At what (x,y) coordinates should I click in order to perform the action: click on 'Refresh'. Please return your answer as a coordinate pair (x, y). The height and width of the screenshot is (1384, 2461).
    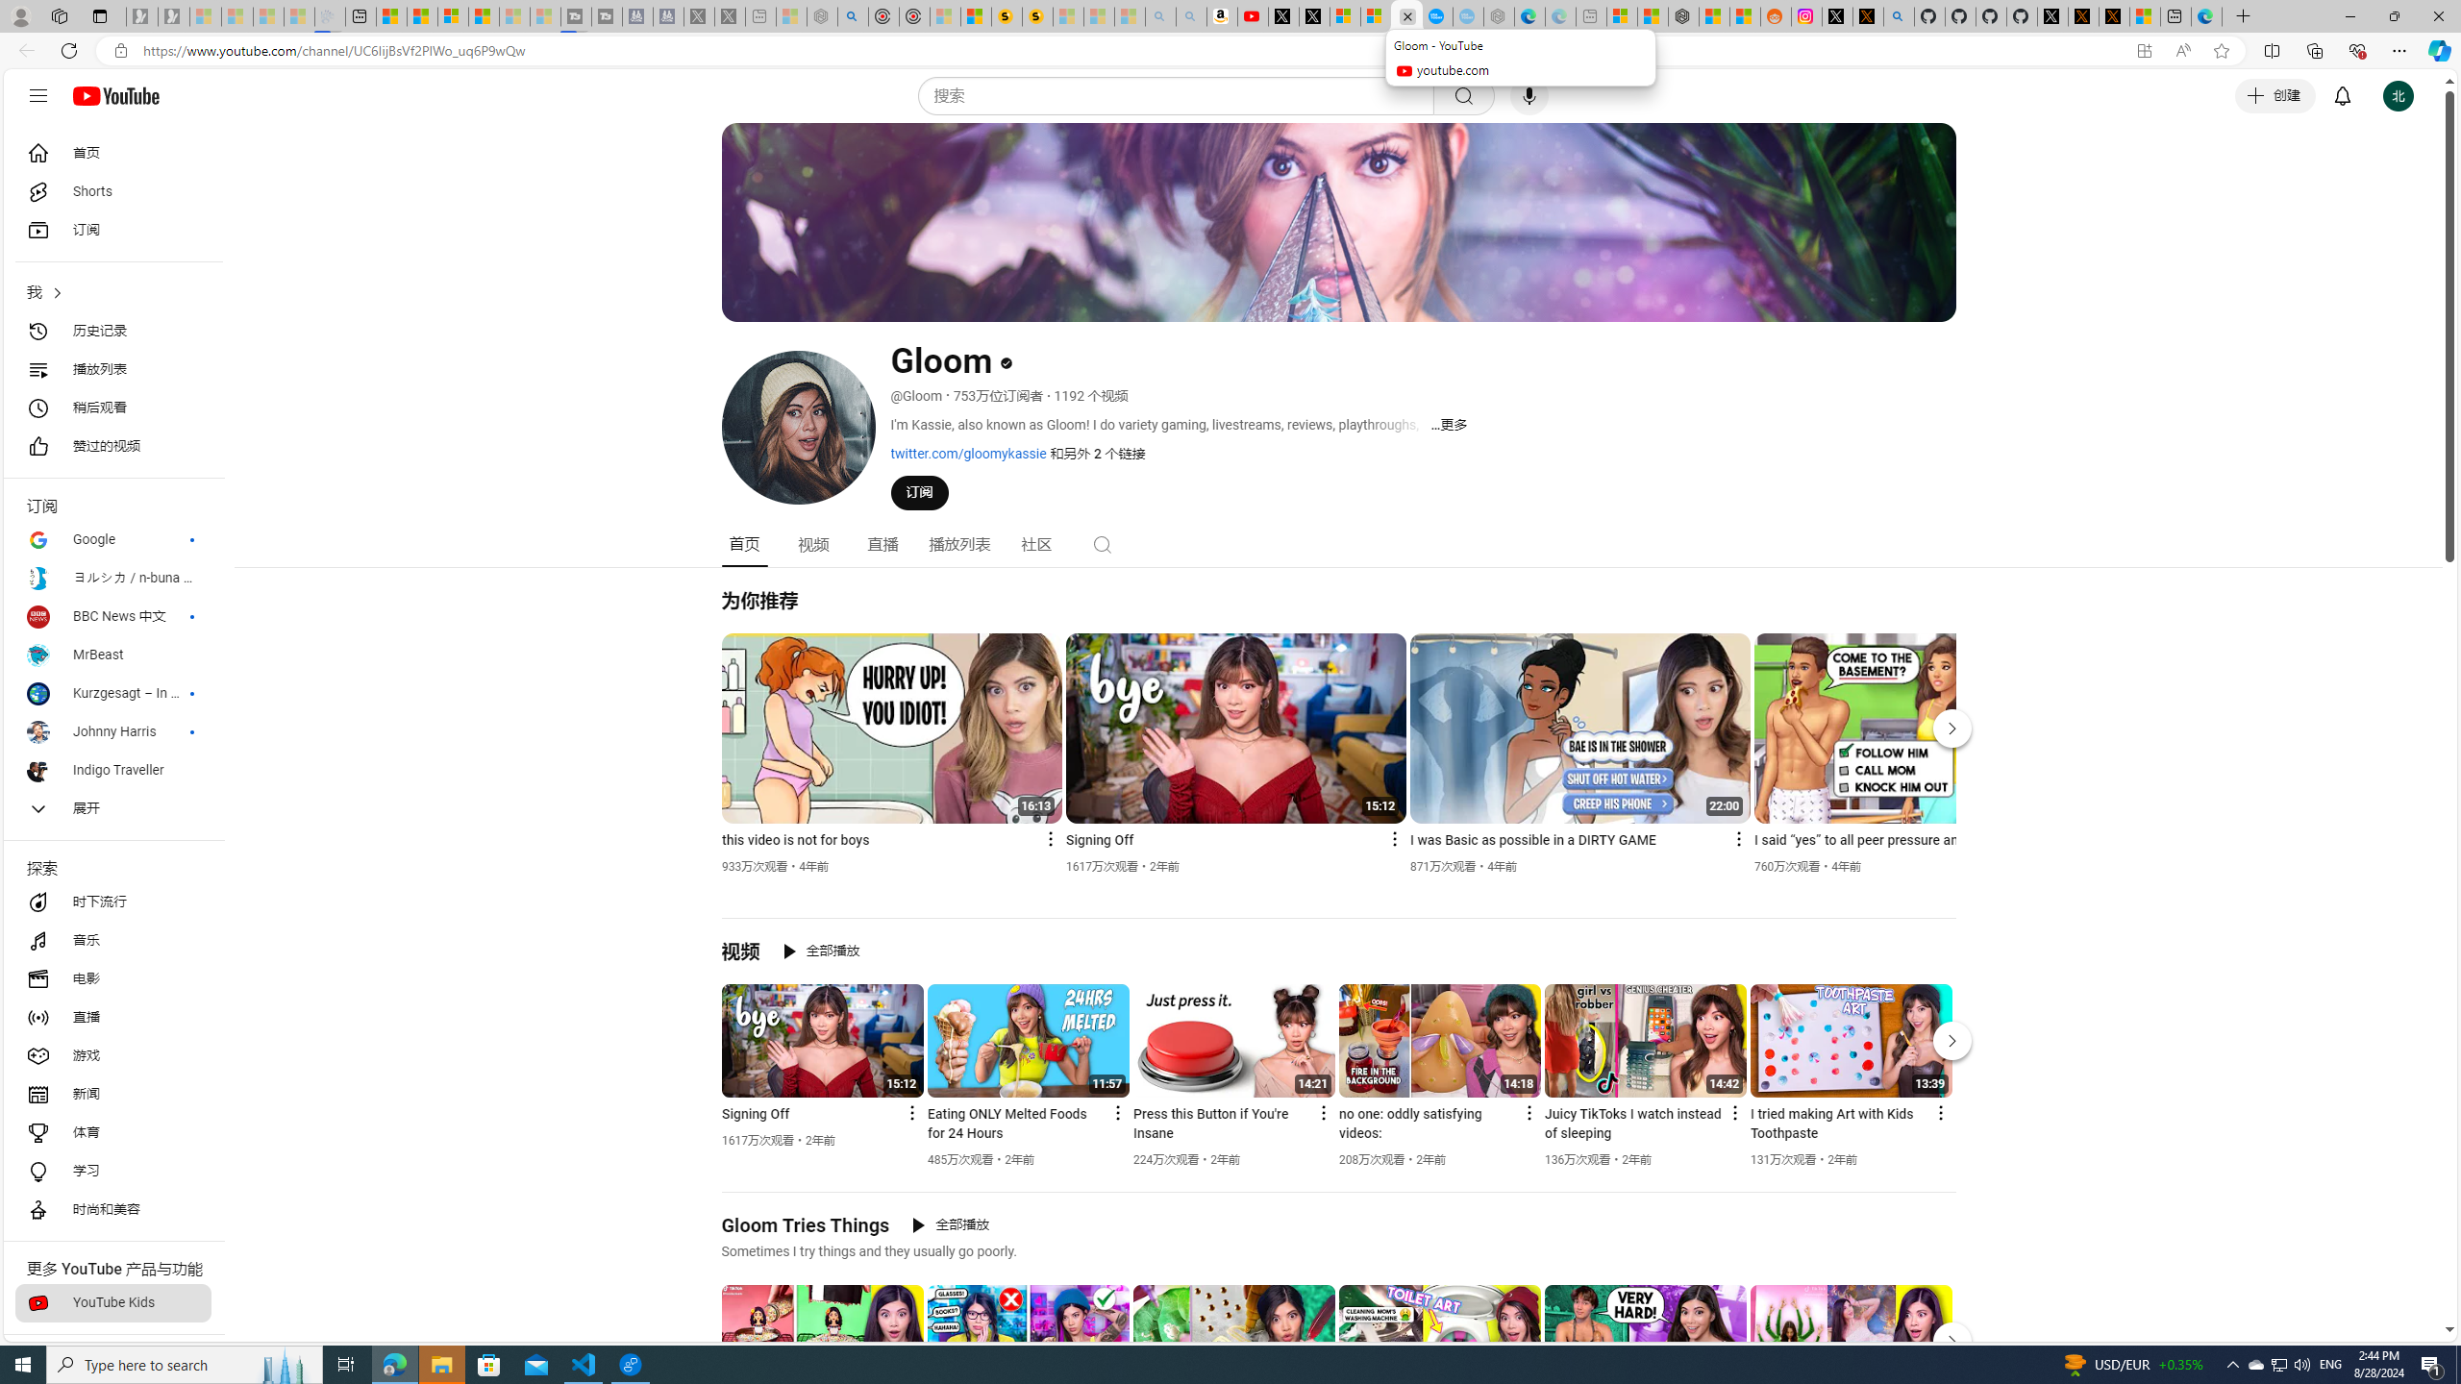
    Looking at the image, I should click on (67, 49).